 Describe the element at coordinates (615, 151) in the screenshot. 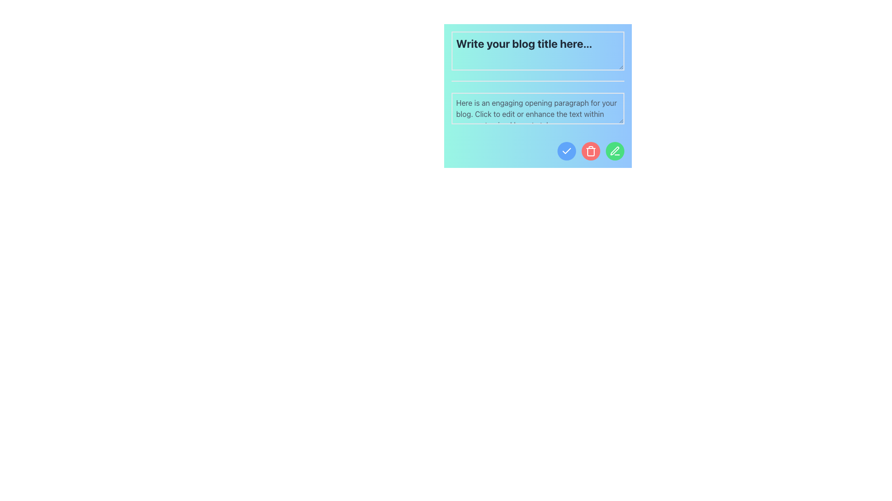

I see `the circular green button with a white pen icon` at that location.